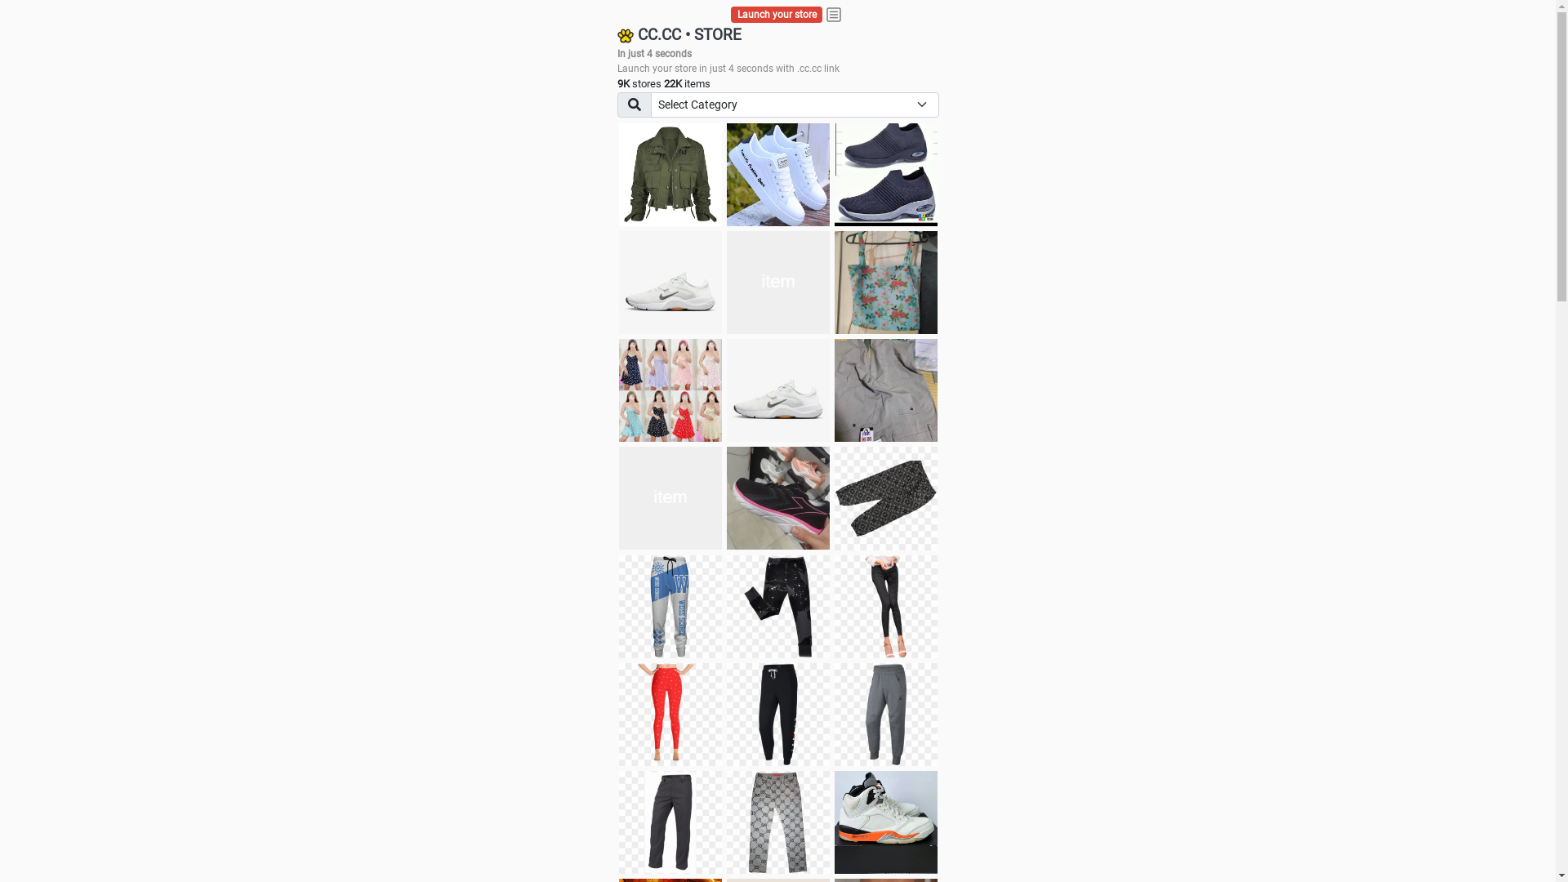  Describe the element at coordinates (884, 497) in the screenshot. I see `'Short pant'` at that location.